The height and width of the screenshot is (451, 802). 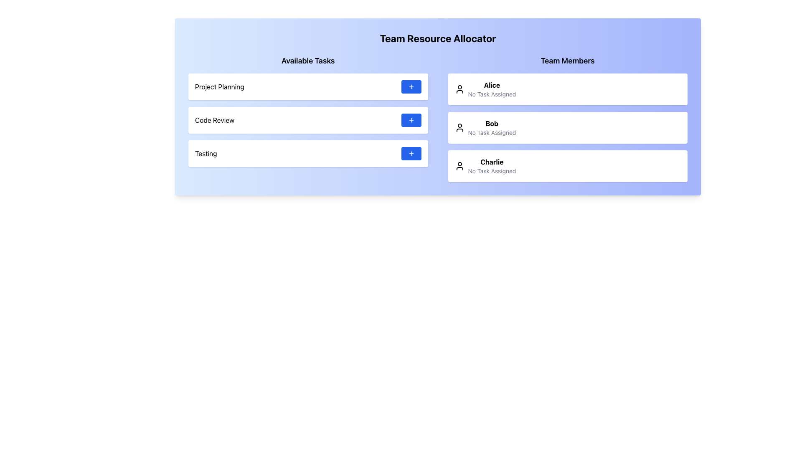 What do you see at coordinates (411, 120) in the screenshot?
I see `the blue rectangular button with a white plus icon in the 'Code Review' row` at bounding box center [411, 120].